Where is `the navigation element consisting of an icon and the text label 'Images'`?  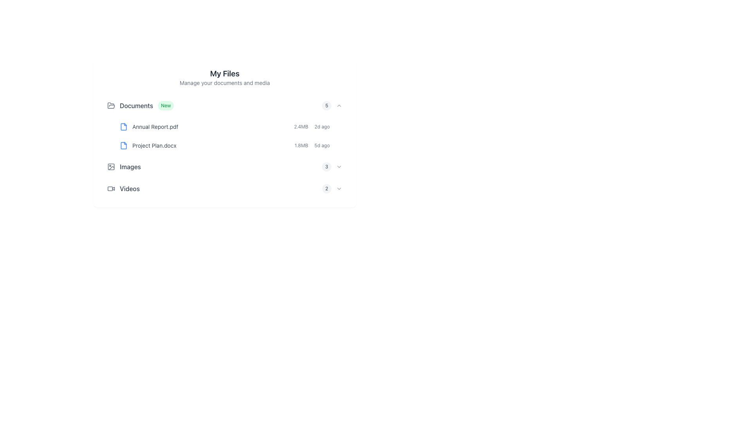
the navigation element consisting of an icon and the text label 'Images' is located at coordinates (123, 166).